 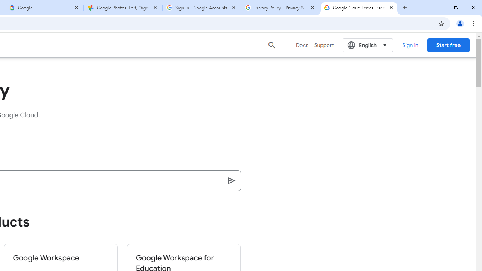 What do you see at coordinates (44, 8) in the screenshot?
I see `'Google'` at bounding box center [44, 8].